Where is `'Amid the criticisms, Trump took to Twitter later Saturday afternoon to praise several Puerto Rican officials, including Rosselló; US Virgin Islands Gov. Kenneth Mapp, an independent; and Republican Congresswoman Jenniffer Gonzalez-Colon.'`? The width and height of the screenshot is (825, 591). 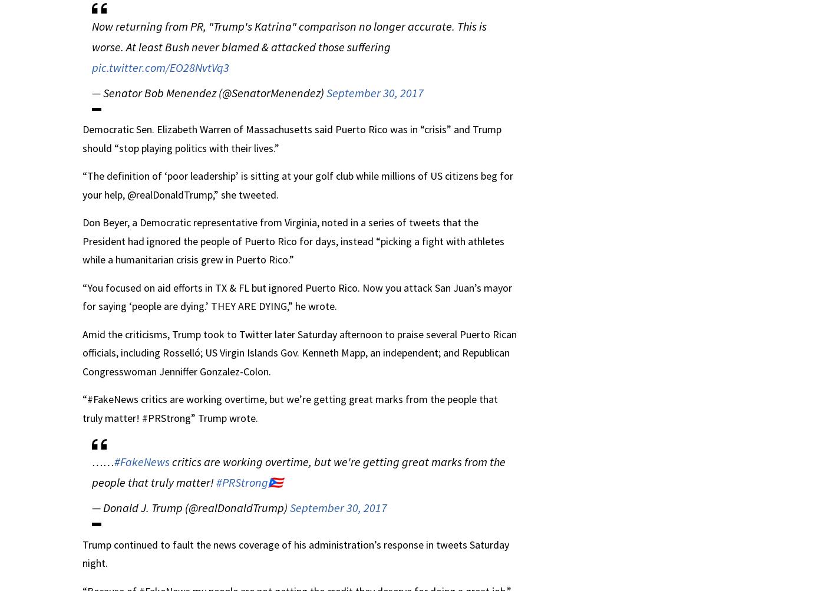
'Amid the criticisms, Trump took to Twitter later Saturday afternoon to praise several Puerto Rican officials, including Rosselló; US Virgin Islands Gov. Kenneth Mapp, an independent; and Republican Congresswoman Jenniffer Gonzalez-Colon.' is located at coordinates (299, 351).